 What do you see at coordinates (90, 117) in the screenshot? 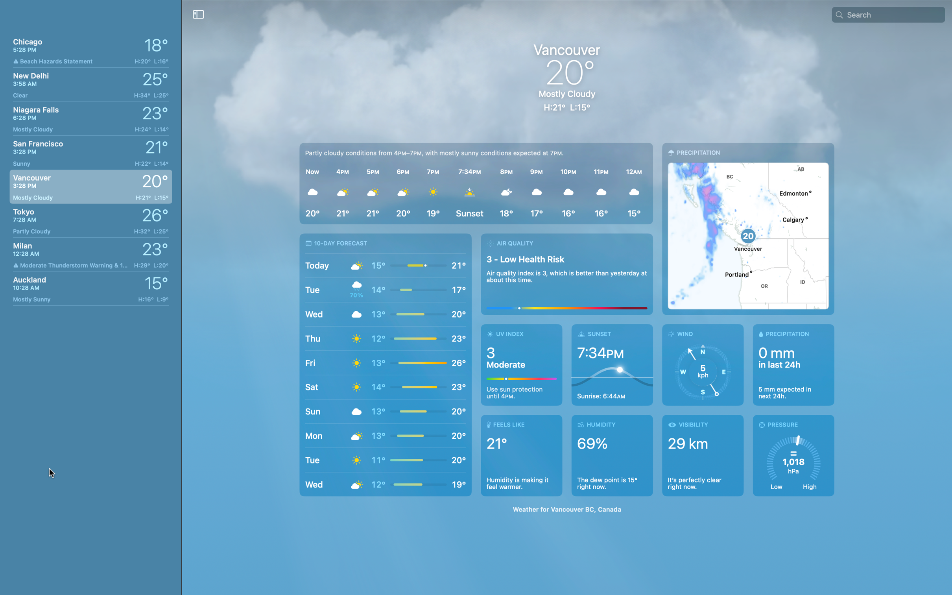
I see `Determine the current climate for Niagara Falls` at bounding box center [90, 117].